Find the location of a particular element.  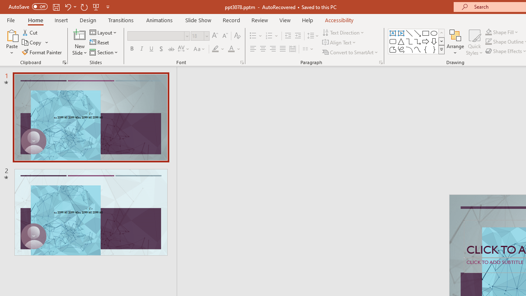

'Clear Formatting' is located at coordinates (237, 35).